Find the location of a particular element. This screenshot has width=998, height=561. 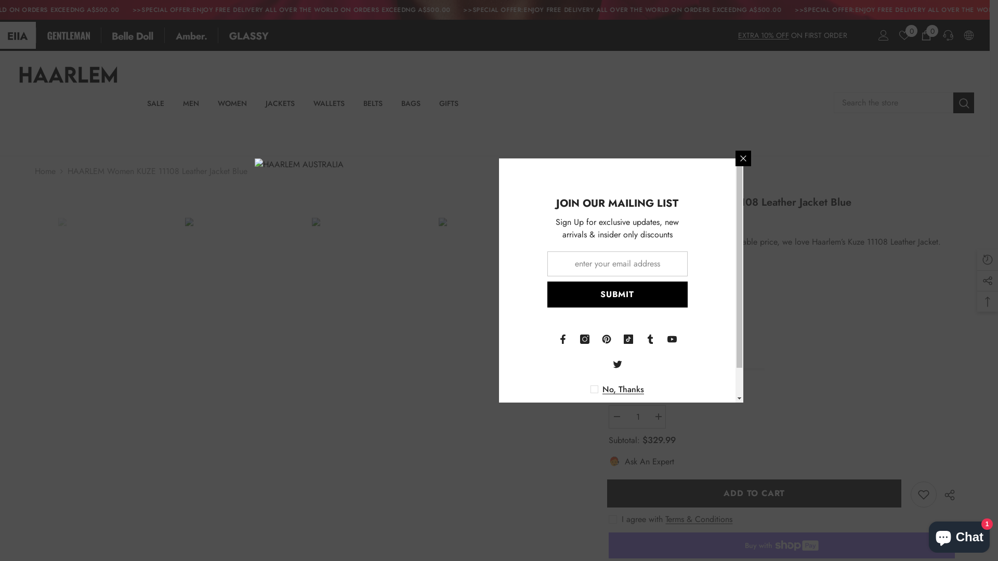

'Ask An Expert' is located at coordinates (640, 461).